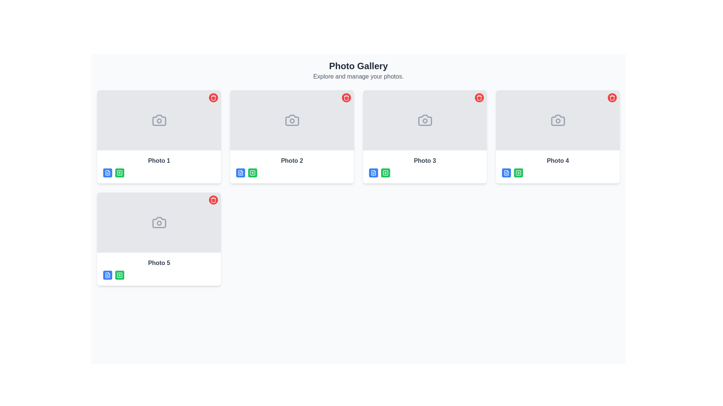 Image resolution: width=723 pixels, height=406 pixels. What do you see at coordinates (291, 120) in the screenshot?
I see `the photo placeholder icon located in the second card of the top row in the photo gallery grid, labeled 'Photo 2'` at bounding box center [291, 120].